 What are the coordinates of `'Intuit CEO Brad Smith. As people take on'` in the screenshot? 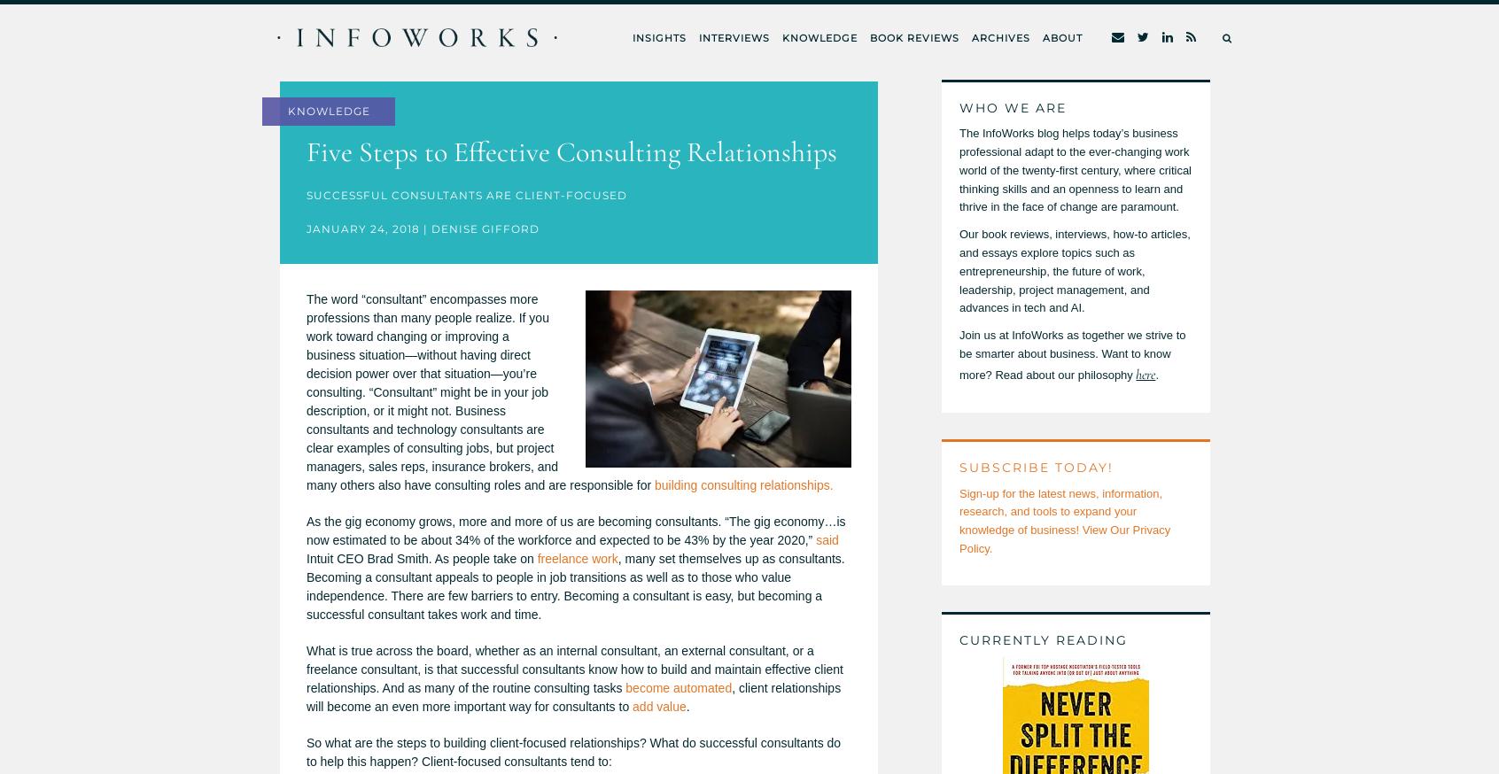 It's located at (420, 558).